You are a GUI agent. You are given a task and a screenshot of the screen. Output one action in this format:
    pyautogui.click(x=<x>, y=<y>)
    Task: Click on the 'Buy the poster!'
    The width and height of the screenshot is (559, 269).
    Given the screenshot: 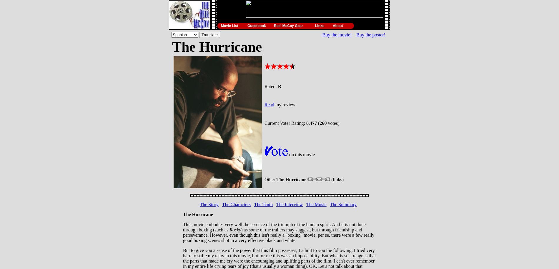 What is the action you would take?
    pyautogui.click(x=356, y=34)
    